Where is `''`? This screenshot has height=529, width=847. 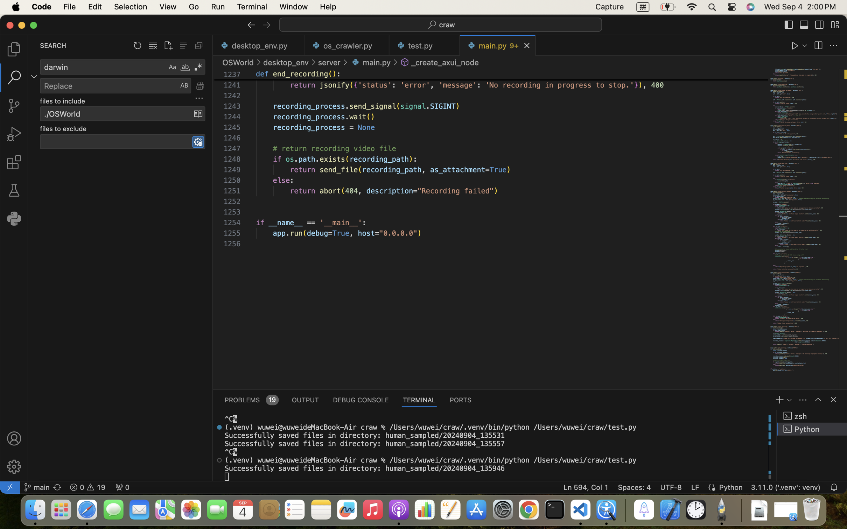
'' is located at coordinates (818, 45).